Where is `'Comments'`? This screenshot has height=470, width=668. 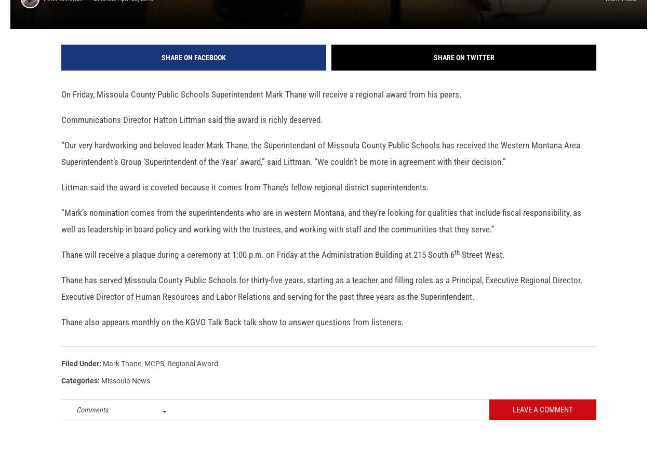 'Comments' is located at coordinates (92, 423).